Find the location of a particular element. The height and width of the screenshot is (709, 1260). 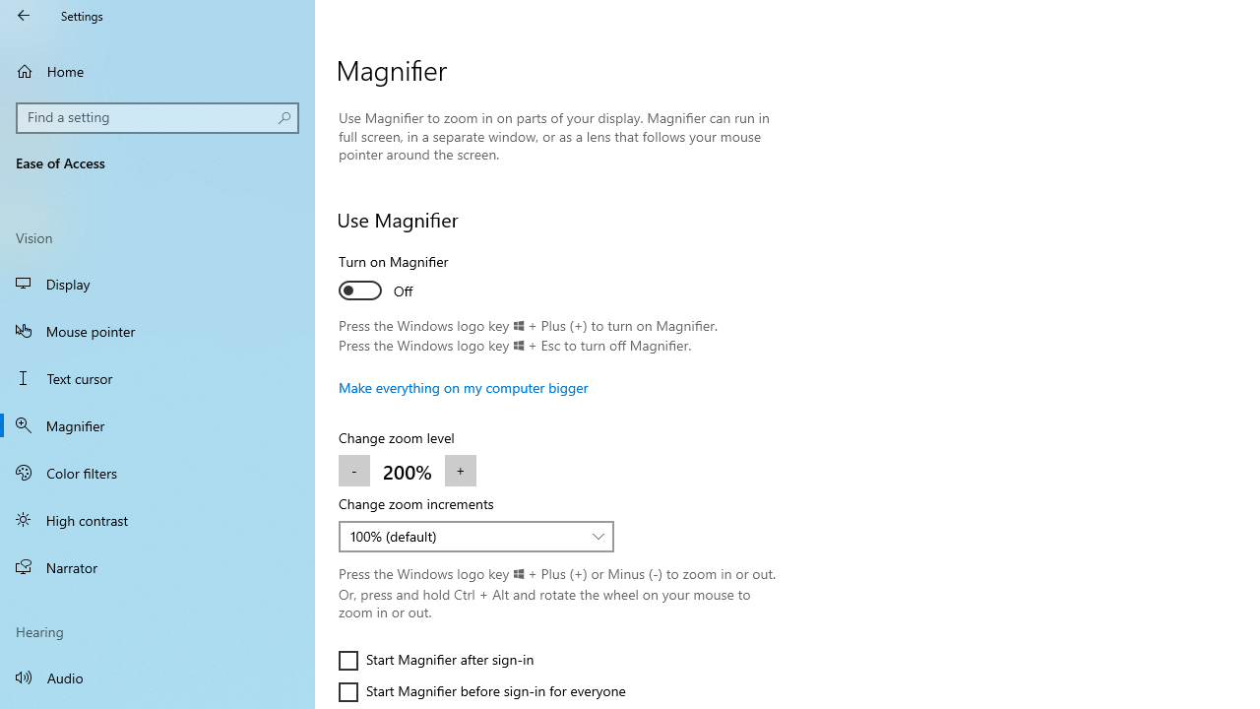

'Mouse pointer' is located at coordinates (157, 329).